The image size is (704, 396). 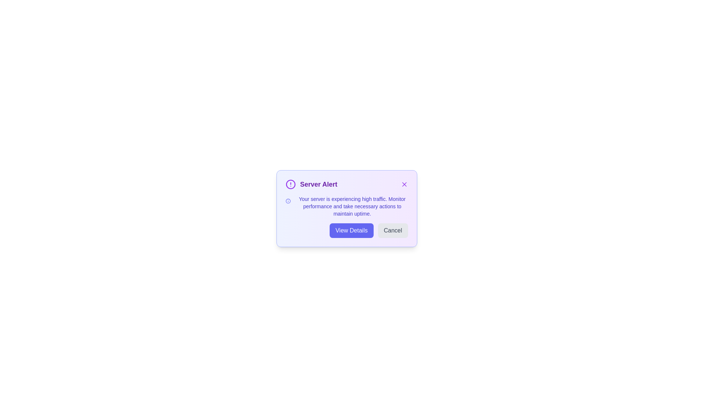 What do you see at coordinates (404, 184) in the screenshot?
I see `close button to dismiss the alert` at bounding box center [404, 184].